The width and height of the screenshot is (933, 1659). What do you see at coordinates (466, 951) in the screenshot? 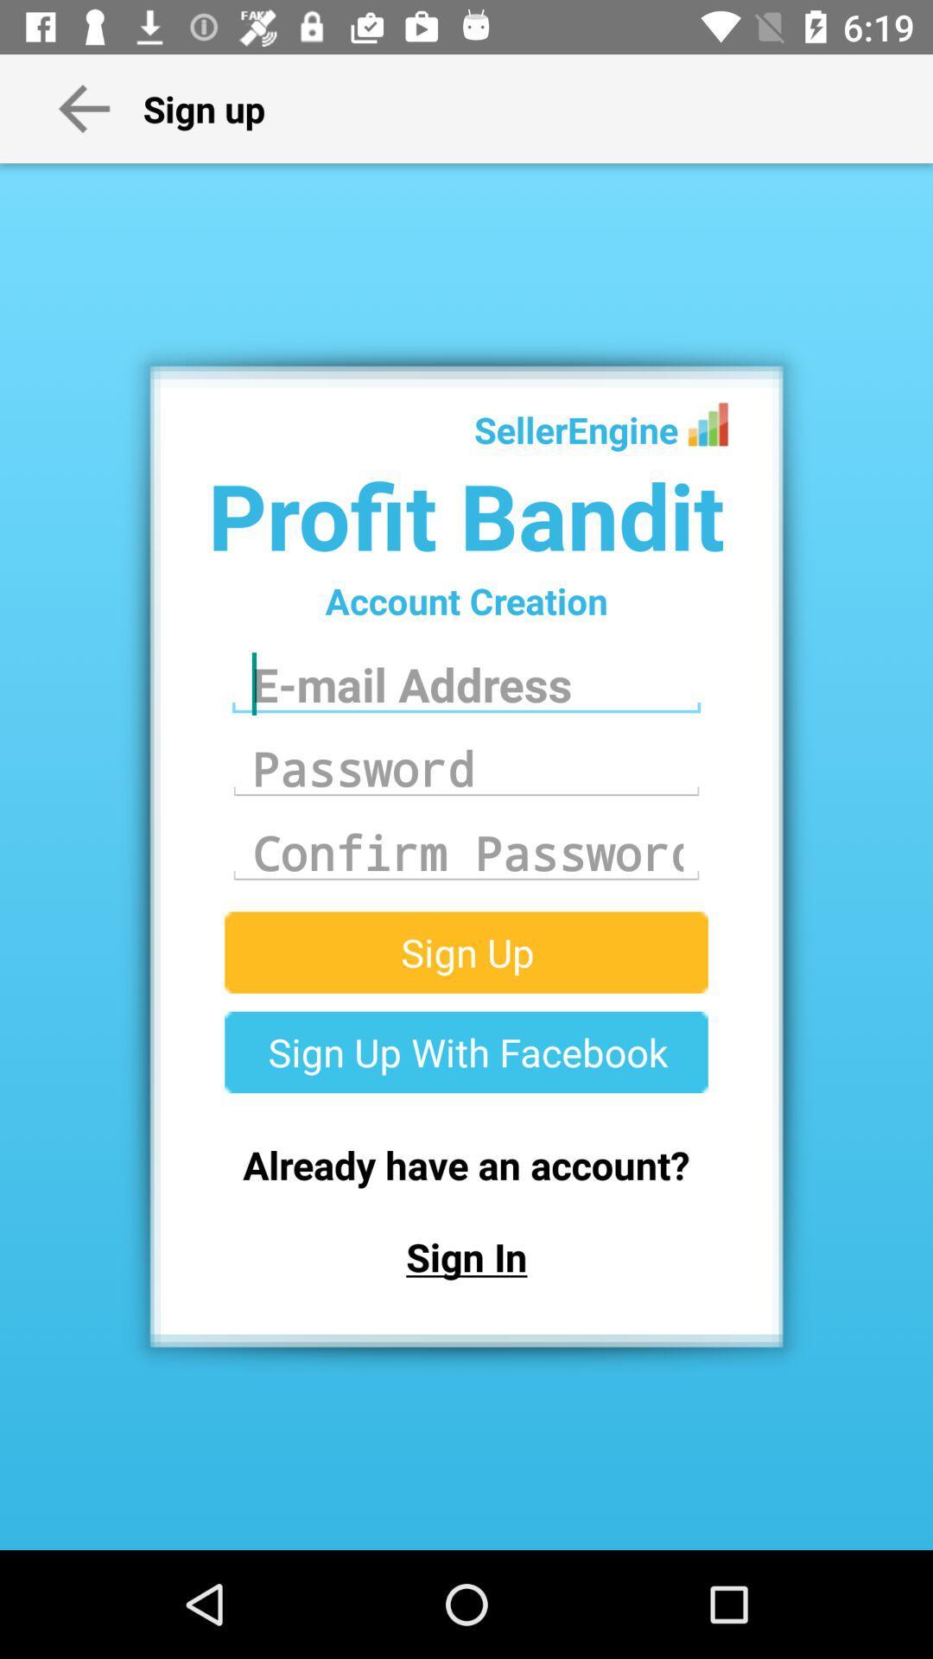
I see `the sign up buttton` at bounding box center [466, 951].